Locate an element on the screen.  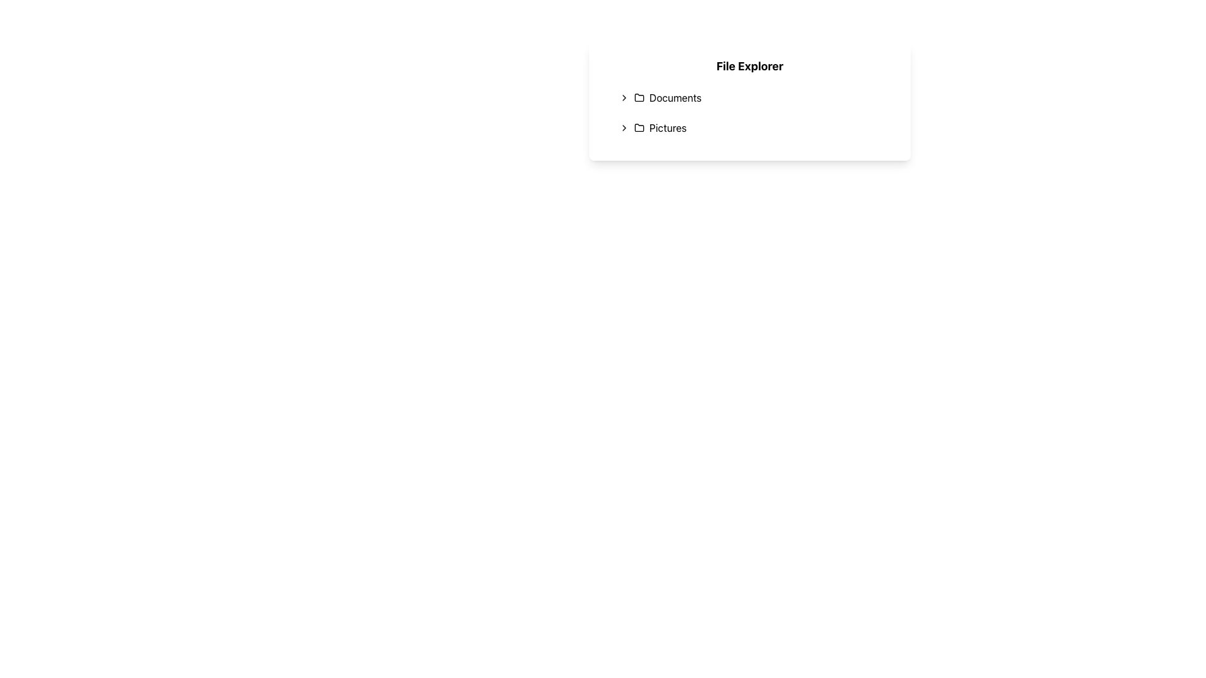
the right-pointing chevron icon button located within the 'Documents' entry in the file explorer panel is located at coordinates (624, 97).